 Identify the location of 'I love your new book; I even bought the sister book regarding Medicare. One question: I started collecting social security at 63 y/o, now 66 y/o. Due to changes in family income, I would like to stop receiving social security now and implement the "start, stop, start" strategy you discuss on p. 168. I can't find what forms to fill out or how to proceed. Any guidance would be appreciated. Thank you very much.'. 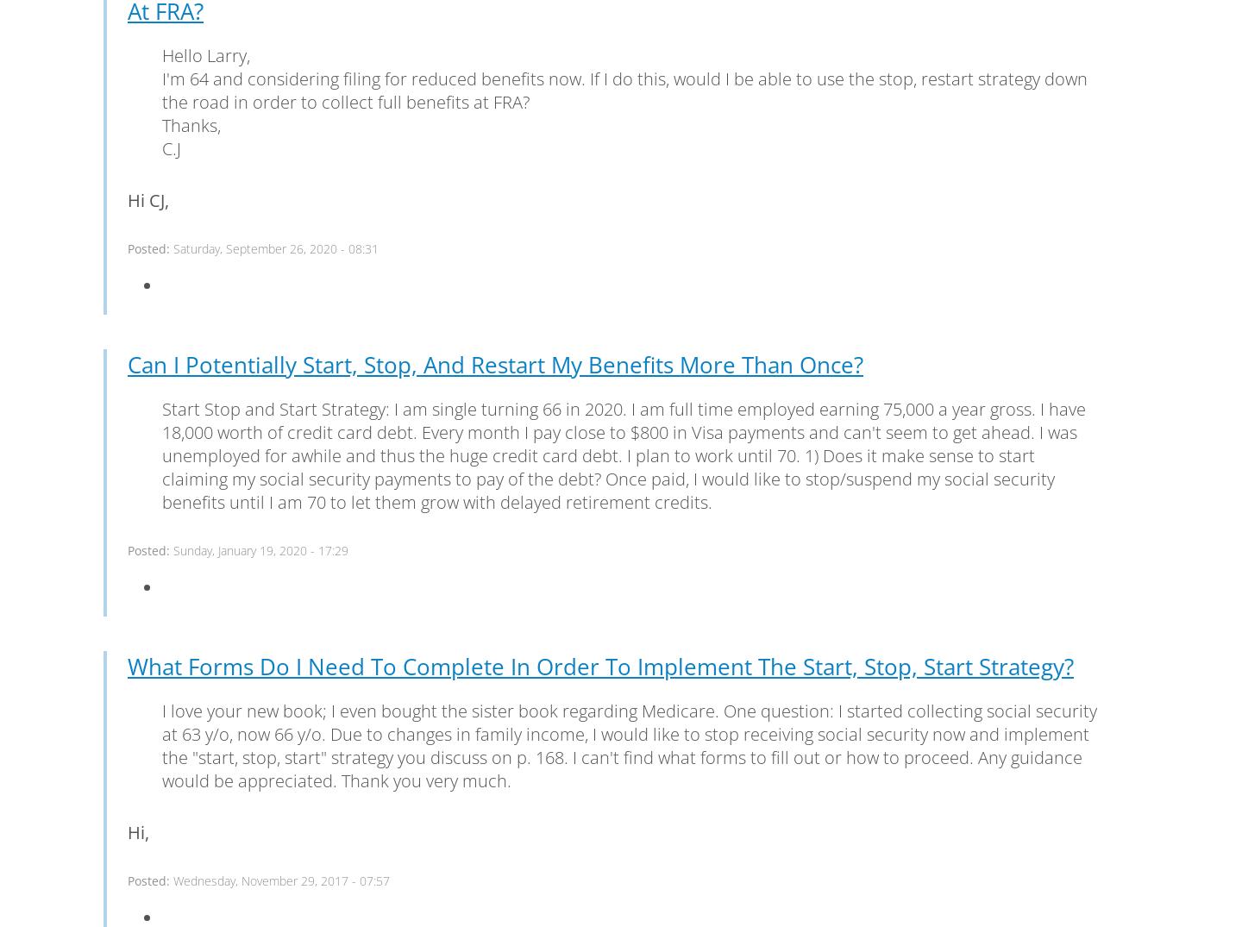
(628, 744).